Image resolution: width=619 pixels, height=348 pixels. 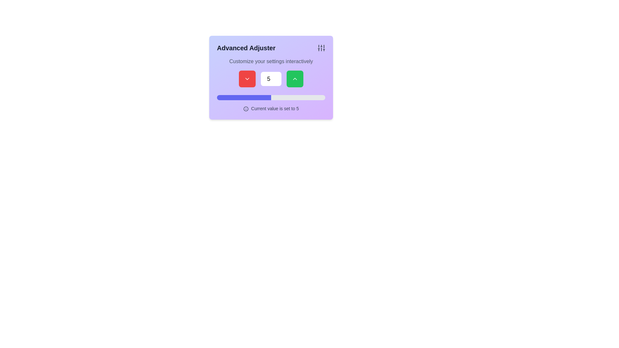 What do you see at coordinates (244, 98) in the screenshot?
I see `the progress indicator, which visually represents completion and is located near the bottom of the interface, filling approximately 50% of the progress bar's width` at bounding box center [244, 98].